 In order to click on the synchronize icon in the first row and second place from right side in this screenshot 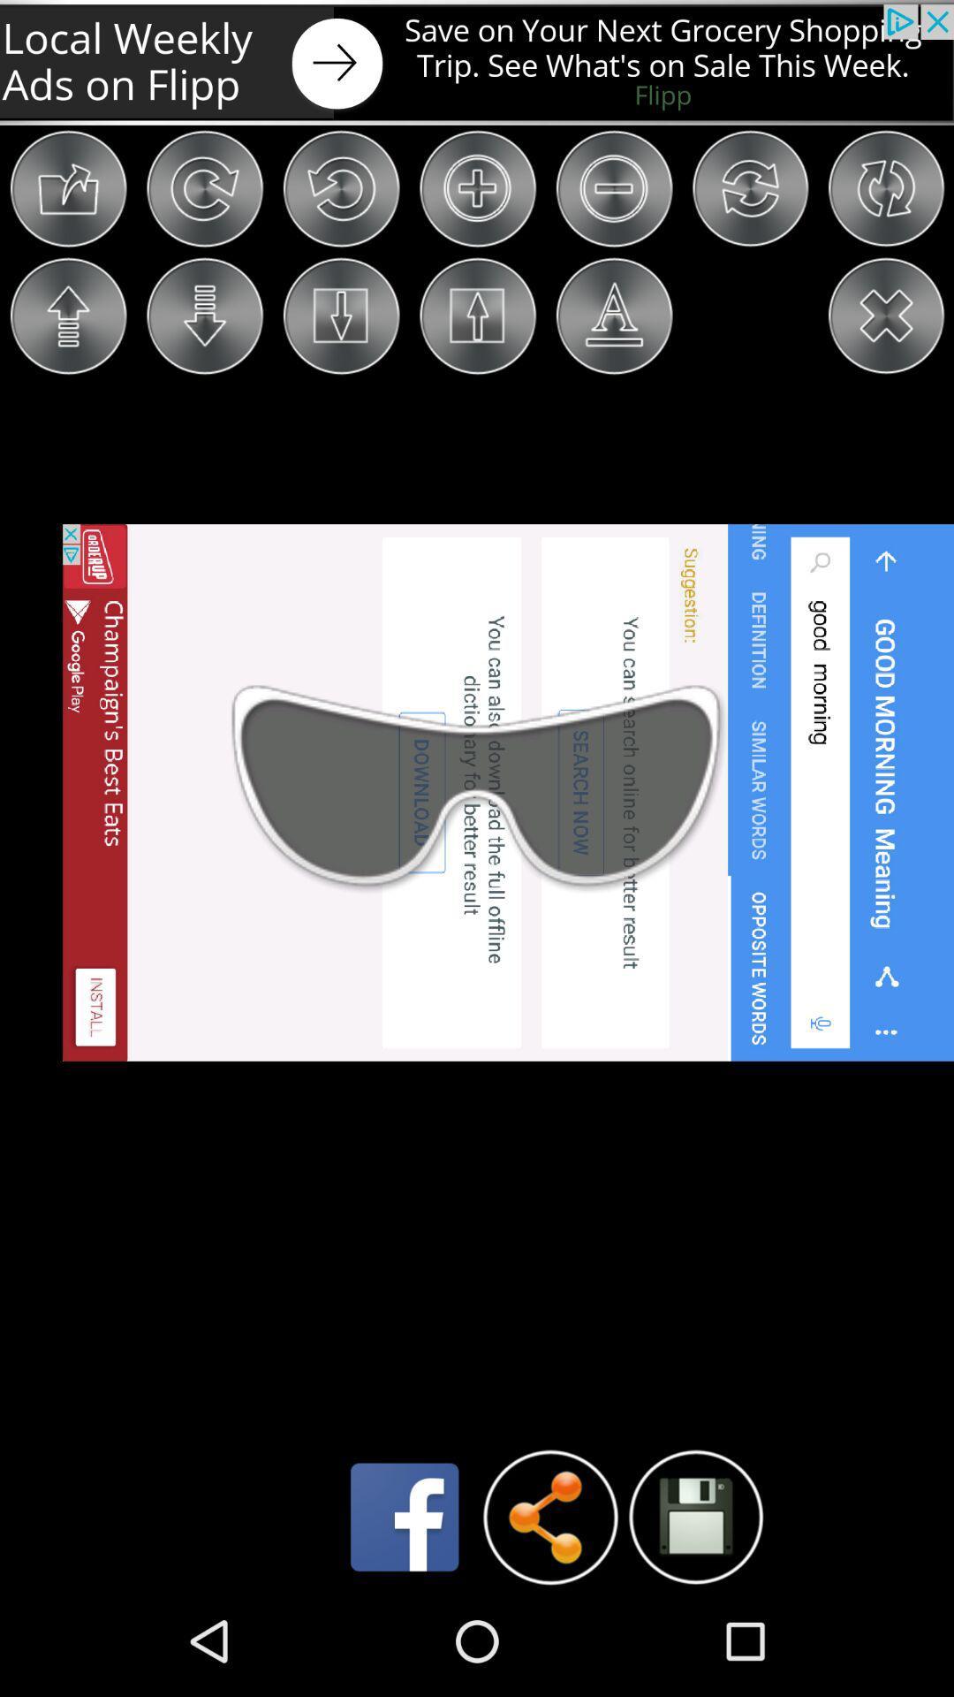, I will do `click(750, 188)`.